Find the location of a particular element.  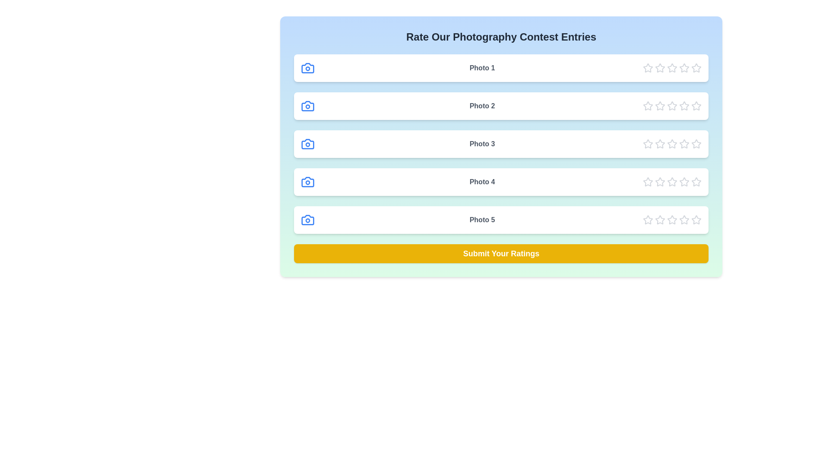

the photo title Photo 3 to select or highlight it is located at coordinates (482, 144).